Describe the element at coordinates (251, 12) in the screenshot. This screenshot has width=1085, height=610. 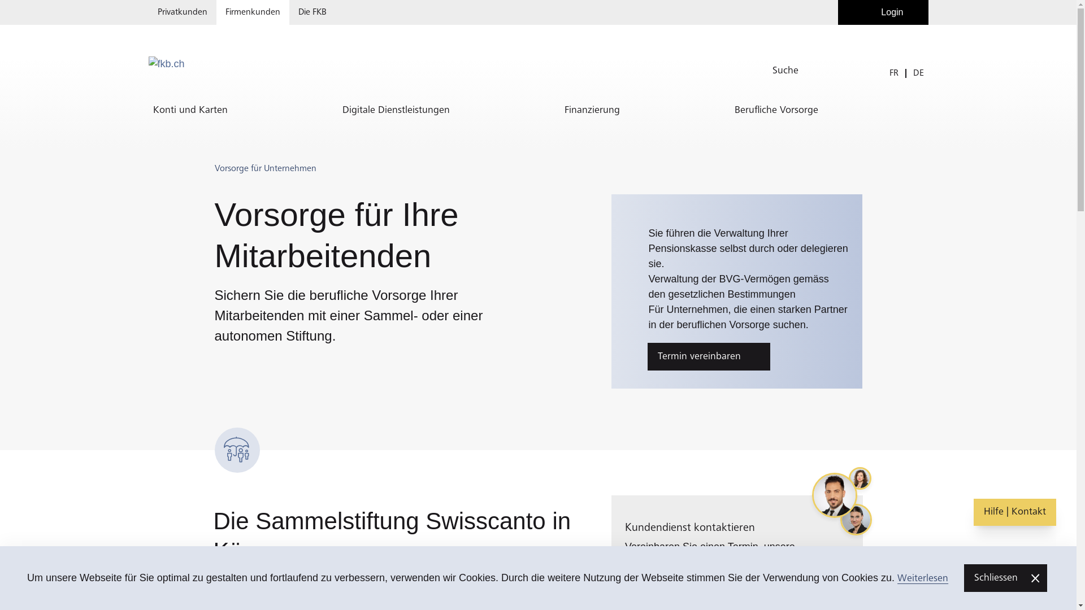
I see `'Firmenkunden'` at that location.